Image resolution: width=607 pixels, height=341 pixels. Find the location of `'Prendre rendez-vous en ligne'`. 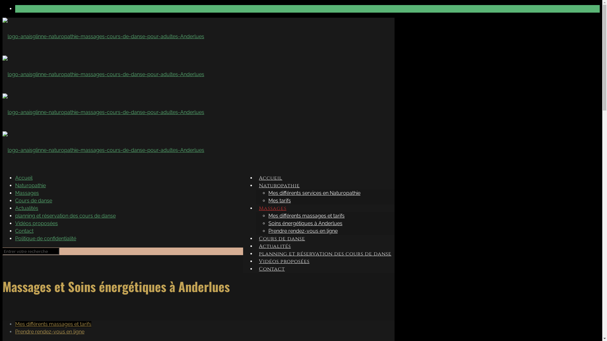

'Prendre rendez-vous en ligne' is located at coordinates (303, 231).